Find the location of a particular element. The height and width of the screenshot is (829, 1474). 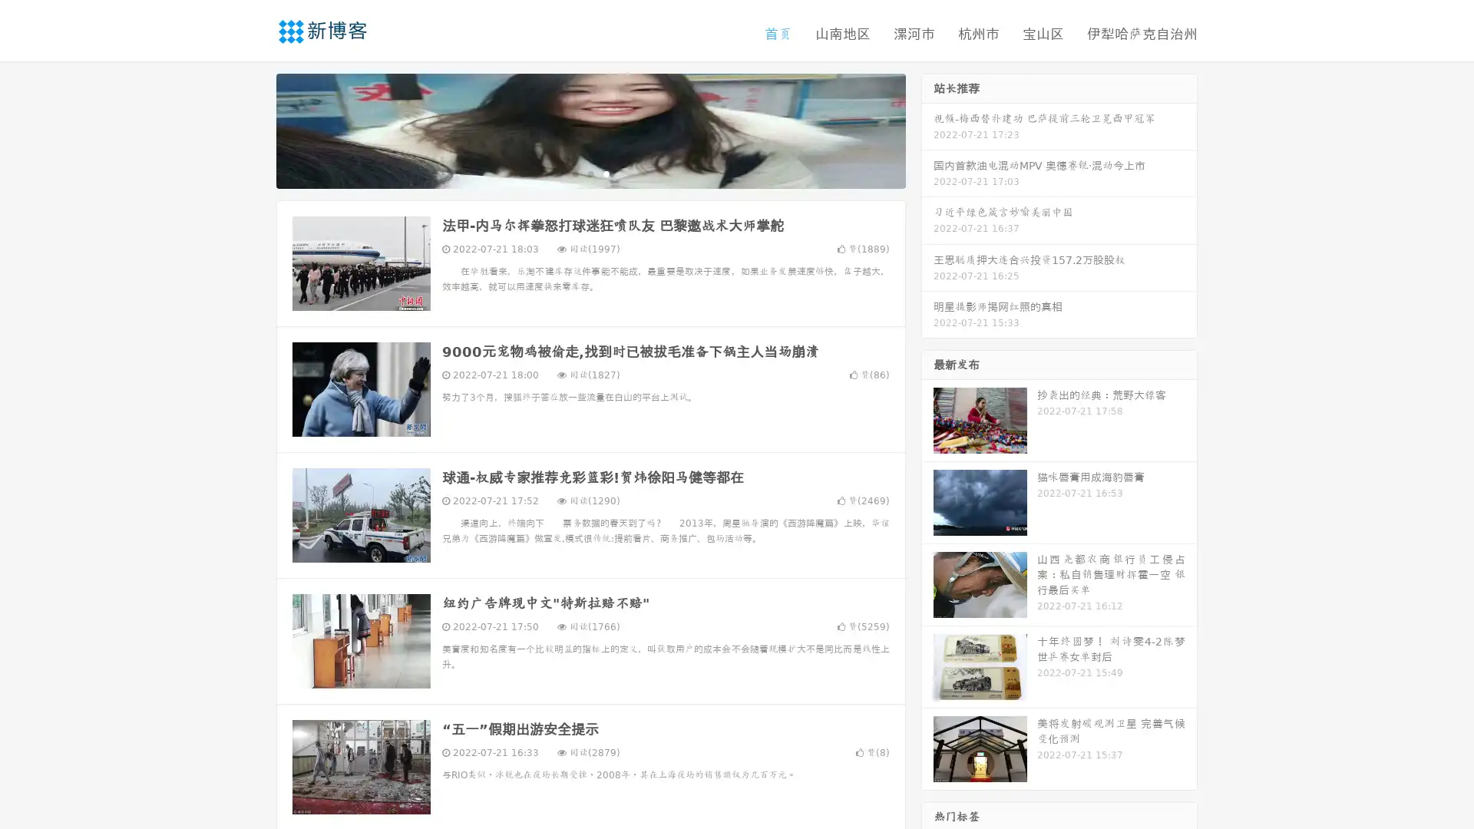

Go to slide 1 is located at coordinates (574, 173).